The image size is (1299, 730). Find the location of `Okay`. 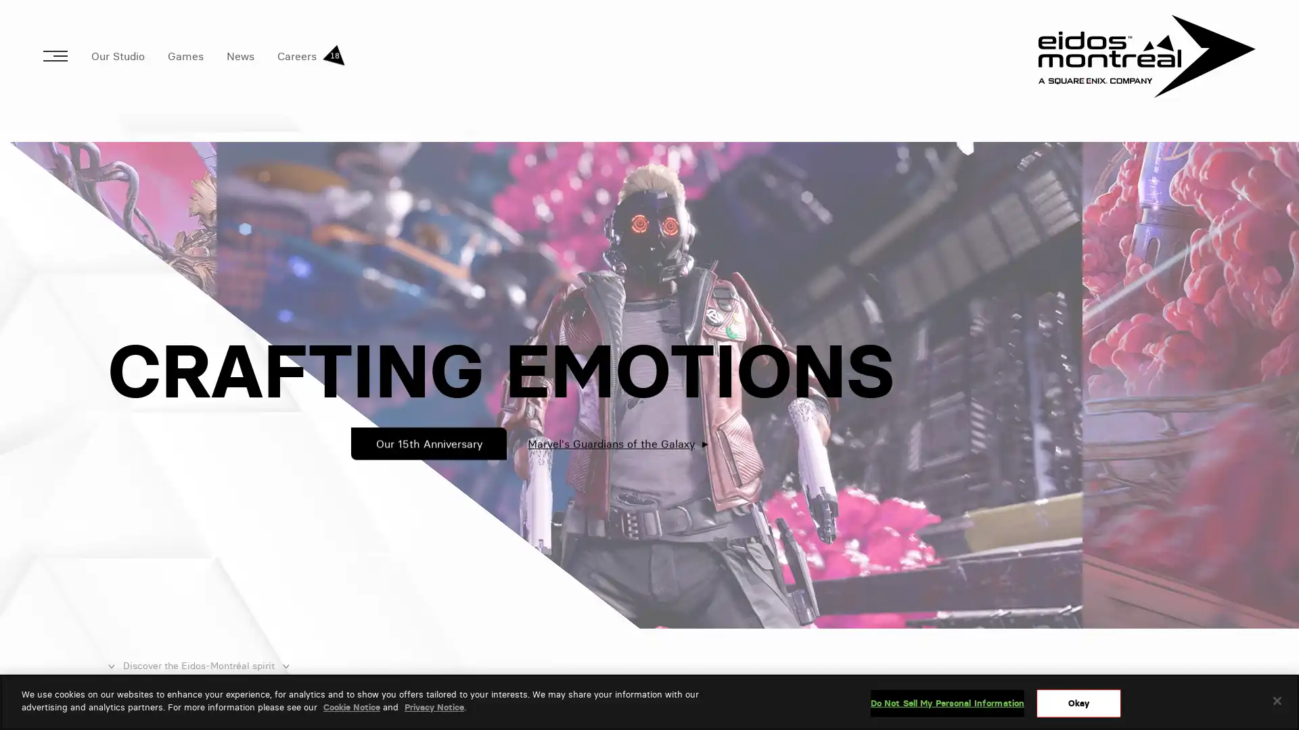

Okay is located at coordinates (1078, 702).